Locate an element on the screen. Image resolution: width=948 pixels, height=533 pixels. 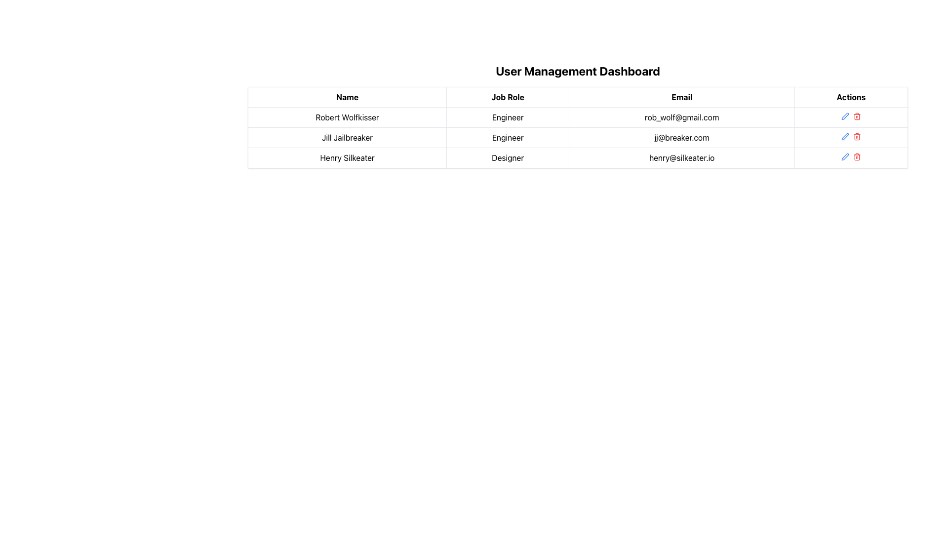
the non-interactive Text Label that displays the name of a user or entity in the user management dashboard is located at coordinates (347, 117).